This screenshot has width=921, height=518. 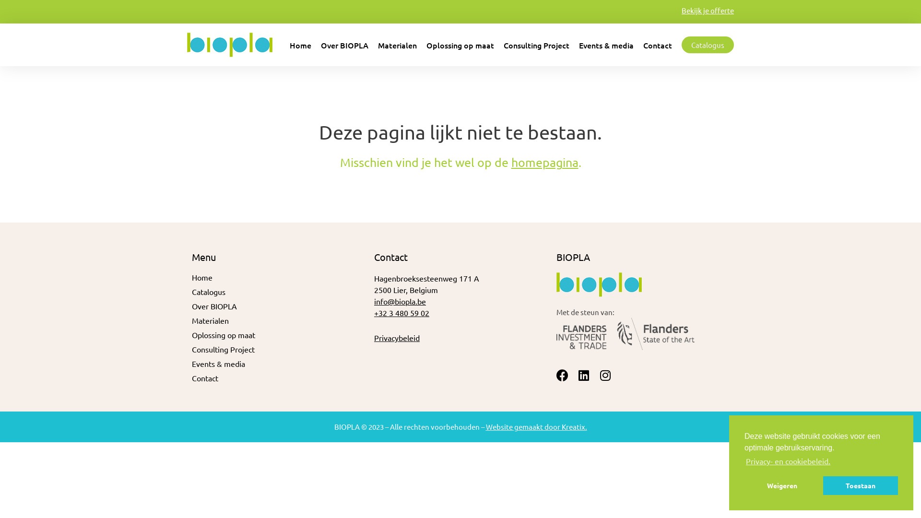 What do you see at coordinates (545, 162) in the screenshot?
I see `'homepagina'` at bounding box center [545, 162].